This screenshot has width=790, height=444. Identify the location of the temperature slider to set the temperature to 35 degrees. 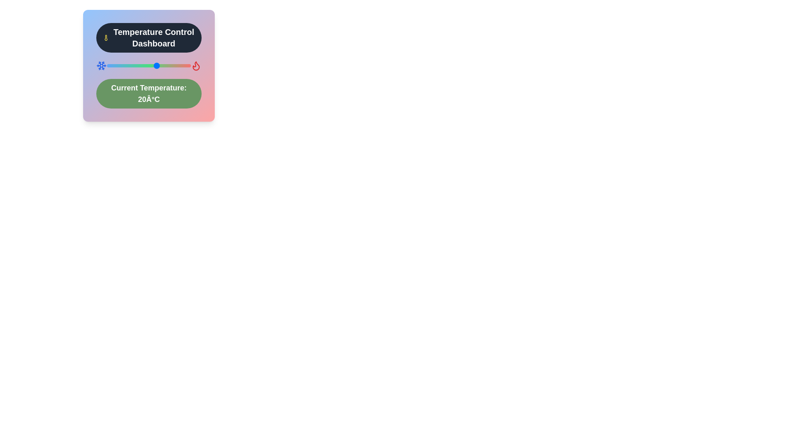
(182, 65).